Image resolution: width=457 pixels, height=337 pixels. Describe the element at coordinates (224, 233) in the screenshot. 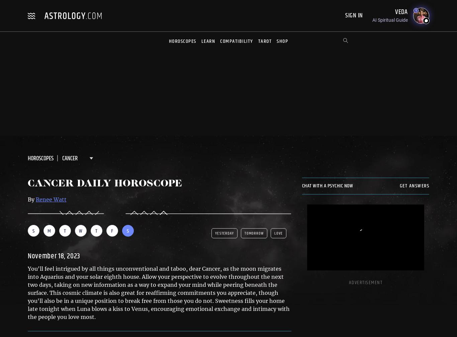

I see `'yesterday'` at that location.